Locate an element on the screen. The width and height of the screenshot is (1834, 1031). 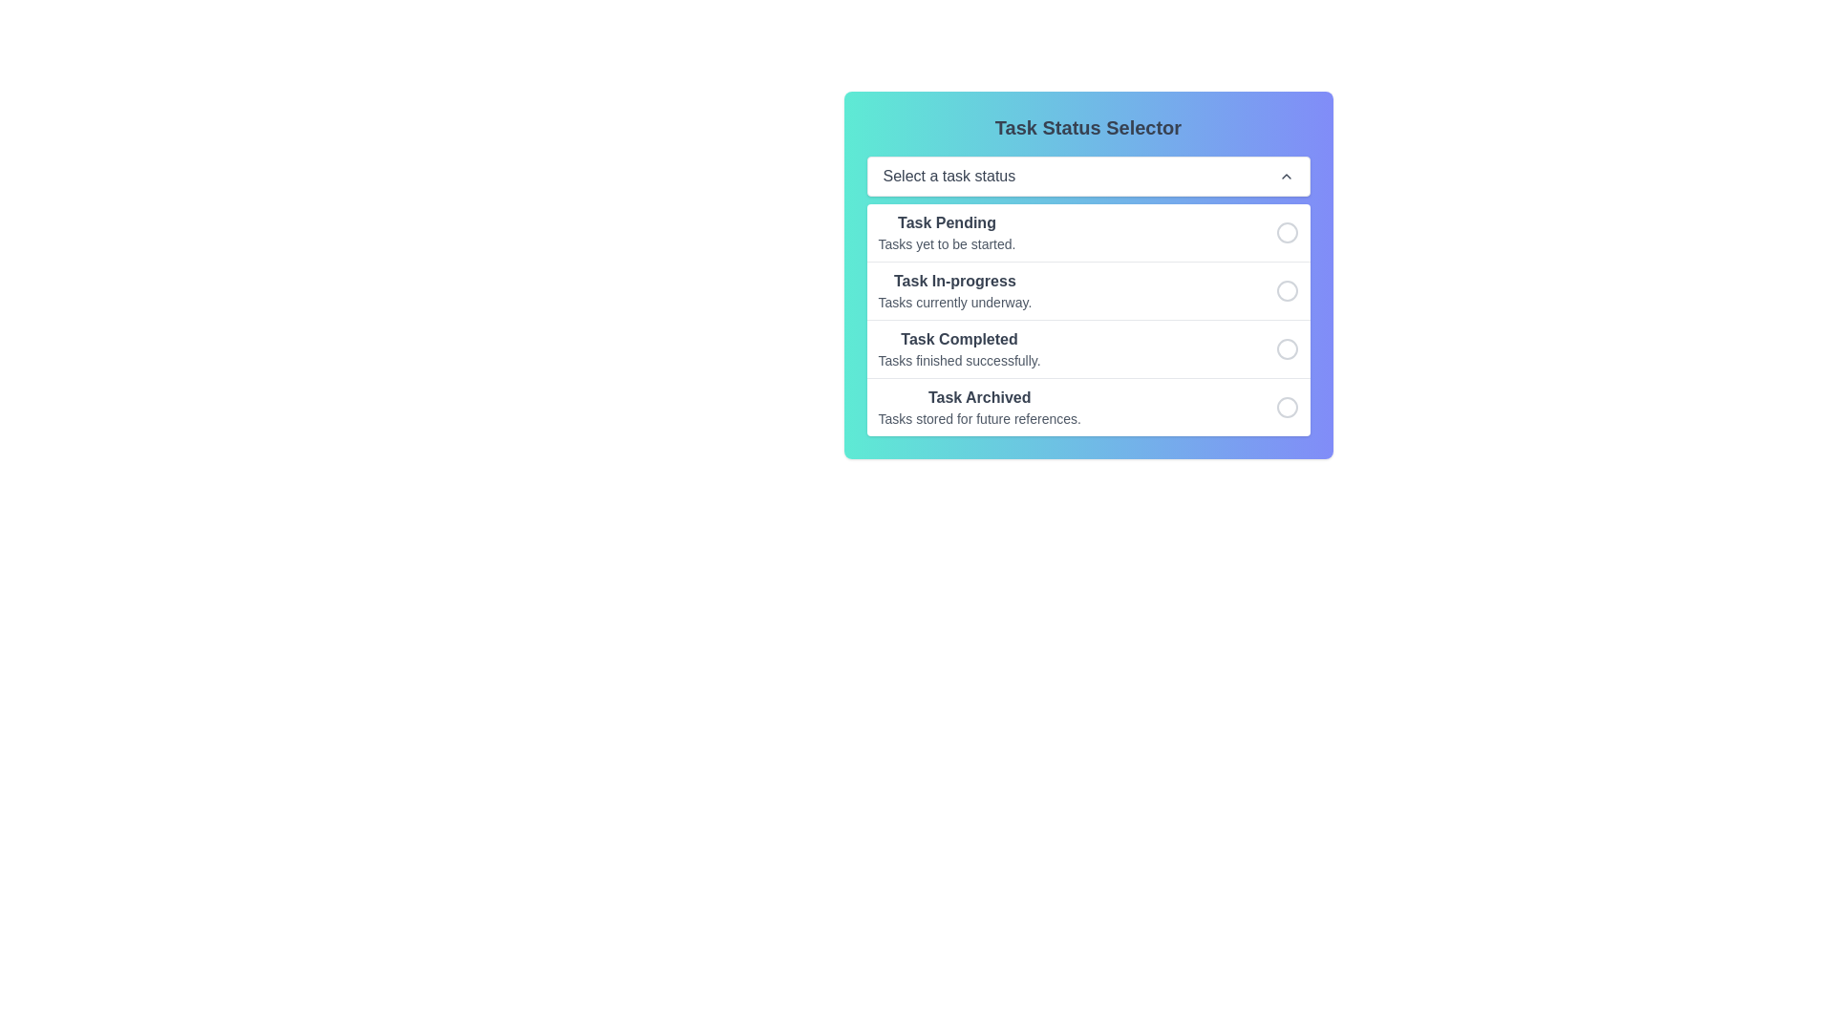
the selectable list item titled 'Task In-progress' which is the second item in the list of task statuses is located at coordinates (1088, 290).